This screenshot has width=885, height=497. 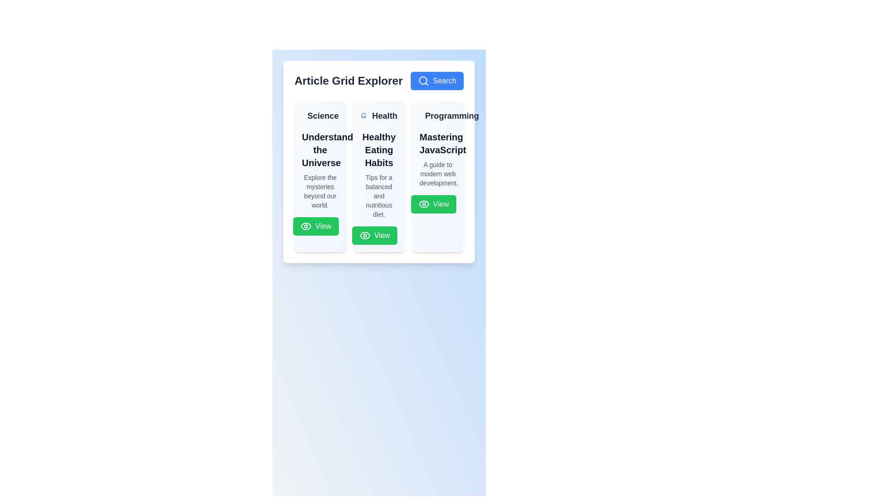 What do you see at coordinates (365, 235) in the screenshot?
I see `the eye-shaped icon within the green 'View' button located below the 'Healthy Eating Habits' card` at bounding box center [365, 235].